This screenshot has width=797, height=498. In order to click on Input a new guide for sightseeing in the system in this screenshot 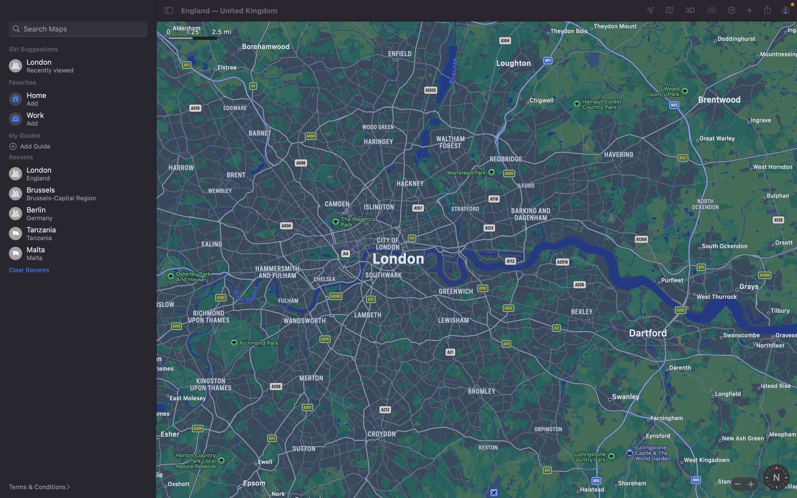, I will do `click(80, 146)`.